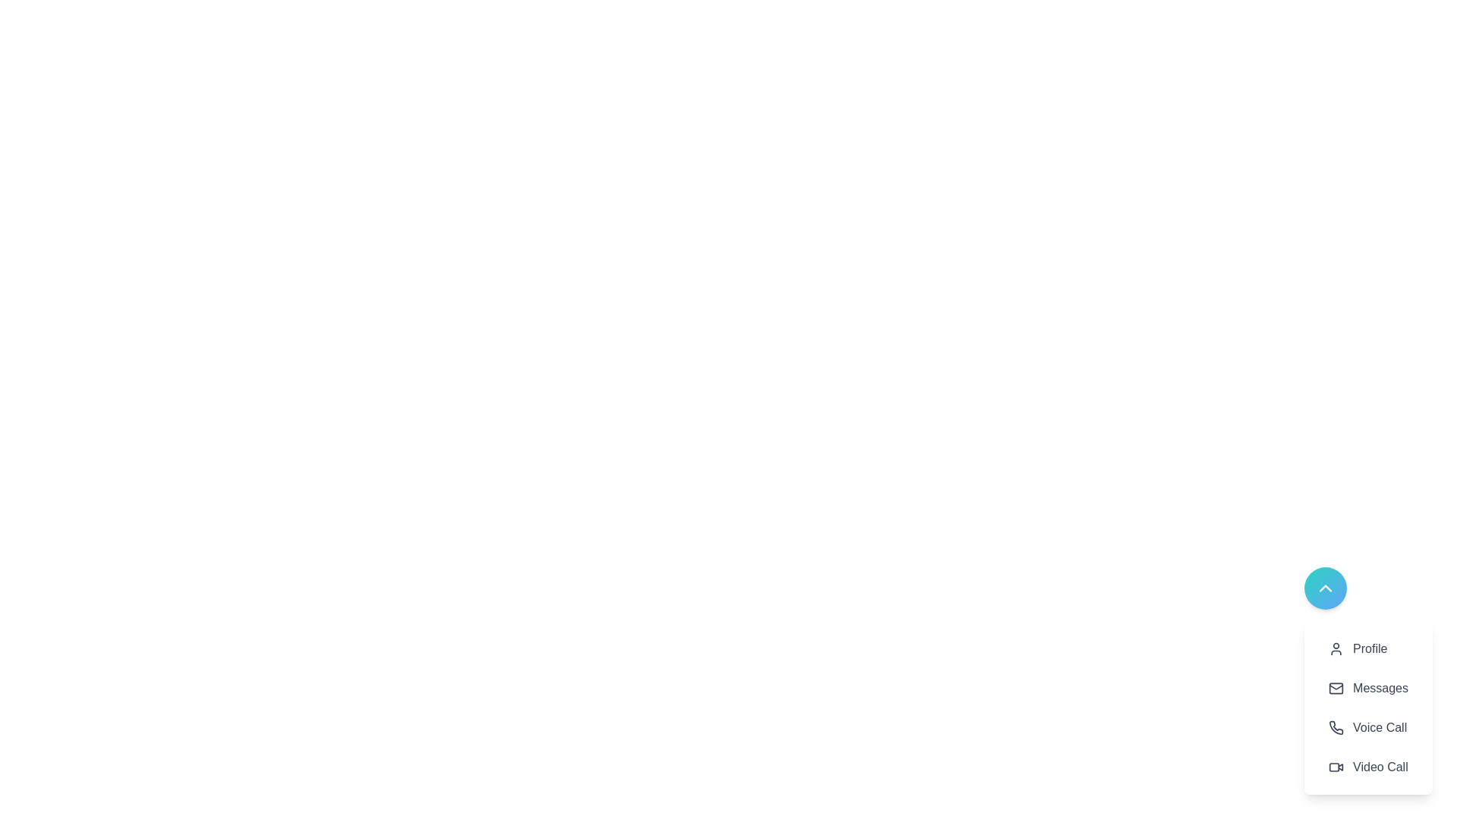  I want to click on the main button to toggle the visibility of the action list, so click(1325, 587).